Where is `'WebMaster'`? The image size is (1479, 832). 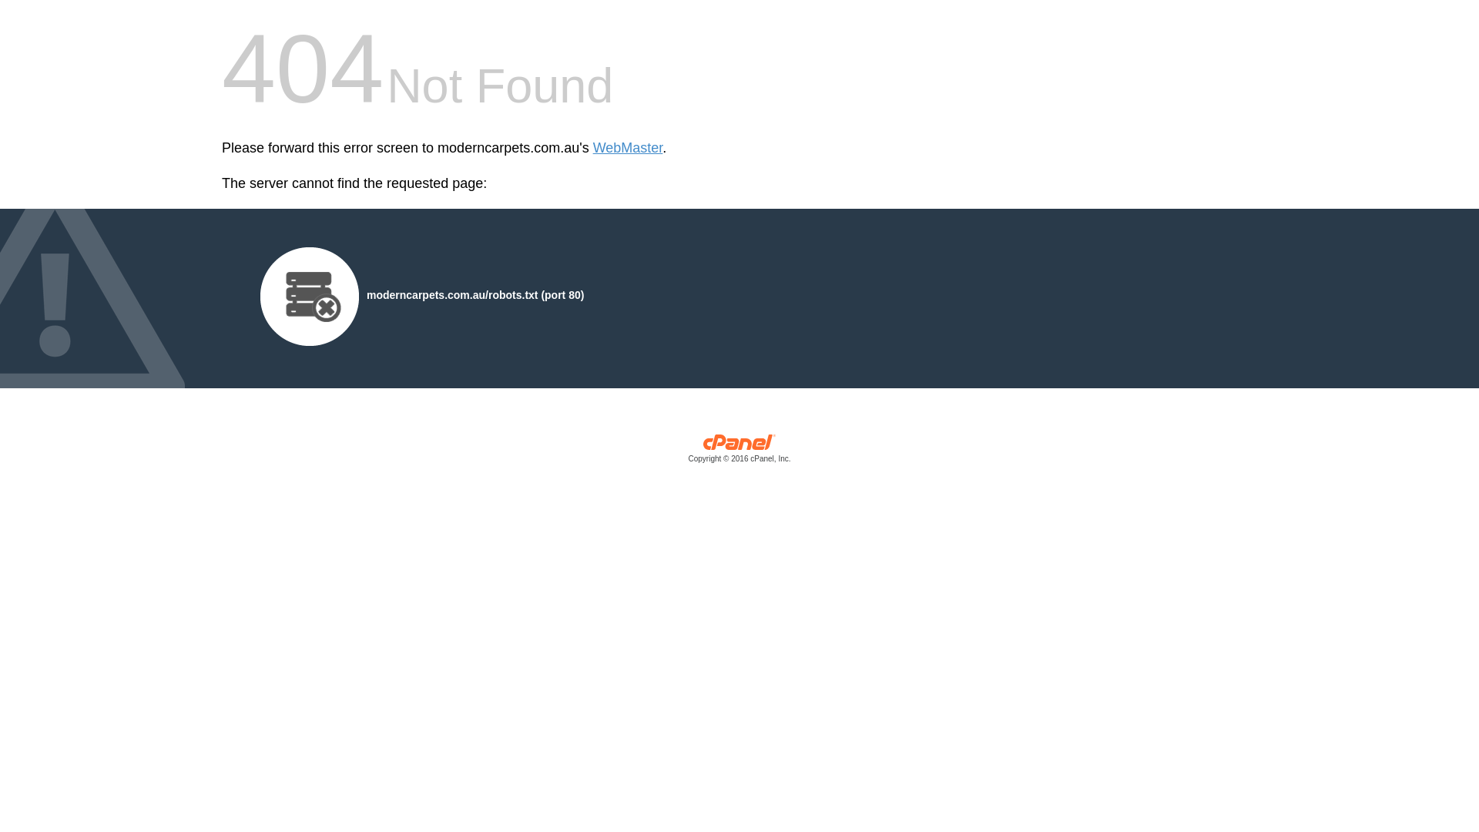
'WebMaster' is located at coordinates (592, 148).